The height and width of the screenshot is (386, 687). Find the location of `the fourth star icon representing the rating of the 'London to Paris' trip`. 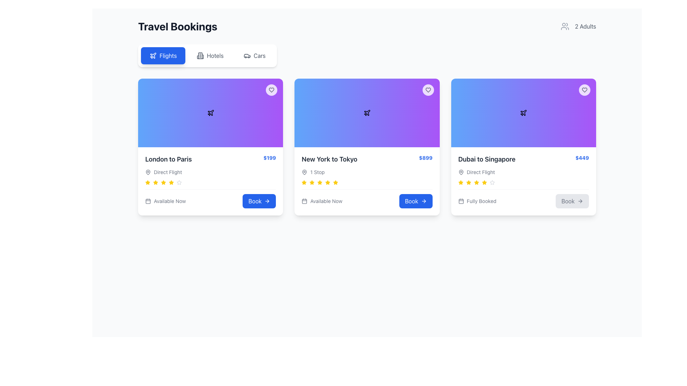

the fourth star icon representing the rating of the 'London to Paris' trip is located at coordinates (147, 182).